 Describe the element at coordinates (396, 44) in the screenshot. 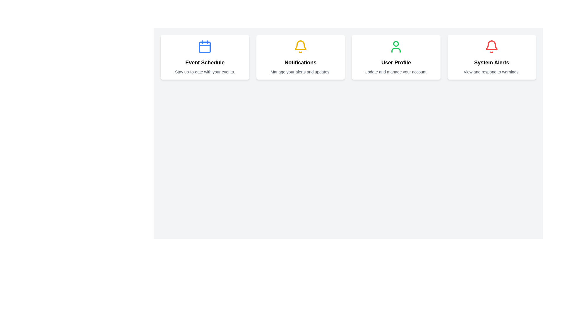

I see `the smaller circle that defines the head of the user icon in the User Profile card, which is centrally positioned within the icon` at that location.